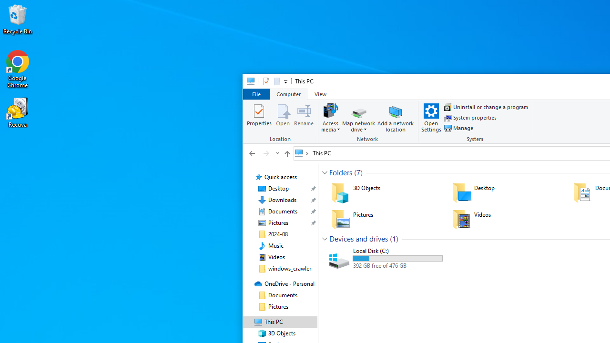 The height and width of the screenshot is (343, 610). What do you see at coordinates (476, 121) in the screenshot?
I see `'System'` at bounding box center [476, 121].